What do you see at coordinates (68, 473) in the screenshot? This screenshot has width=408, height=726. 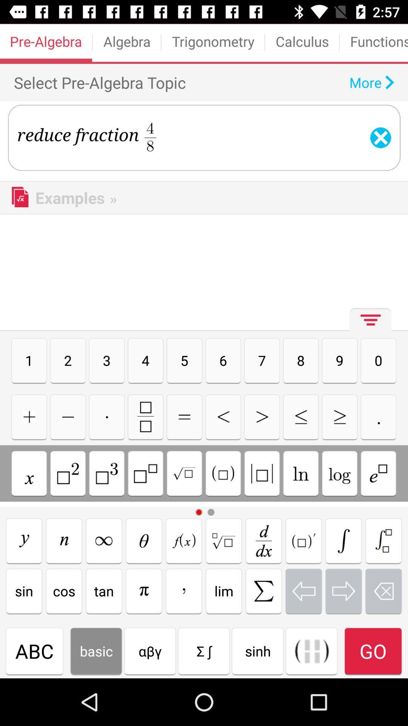 I see `exponent` at bounding box center [68, 473].